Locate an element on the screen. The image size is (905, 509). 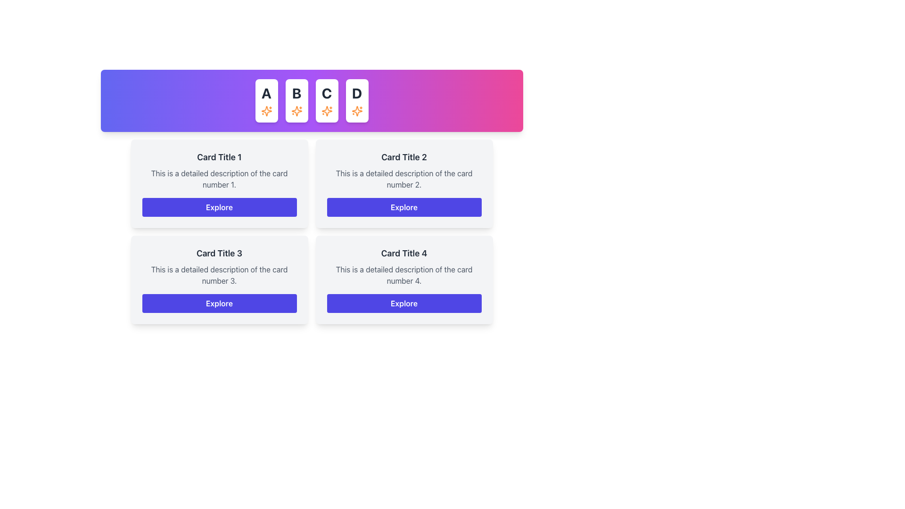
the bold, large-sized text displaying the character 'A' located in the first card of a horizontally arranged set of similar cards is located at coordinates (266, 93).